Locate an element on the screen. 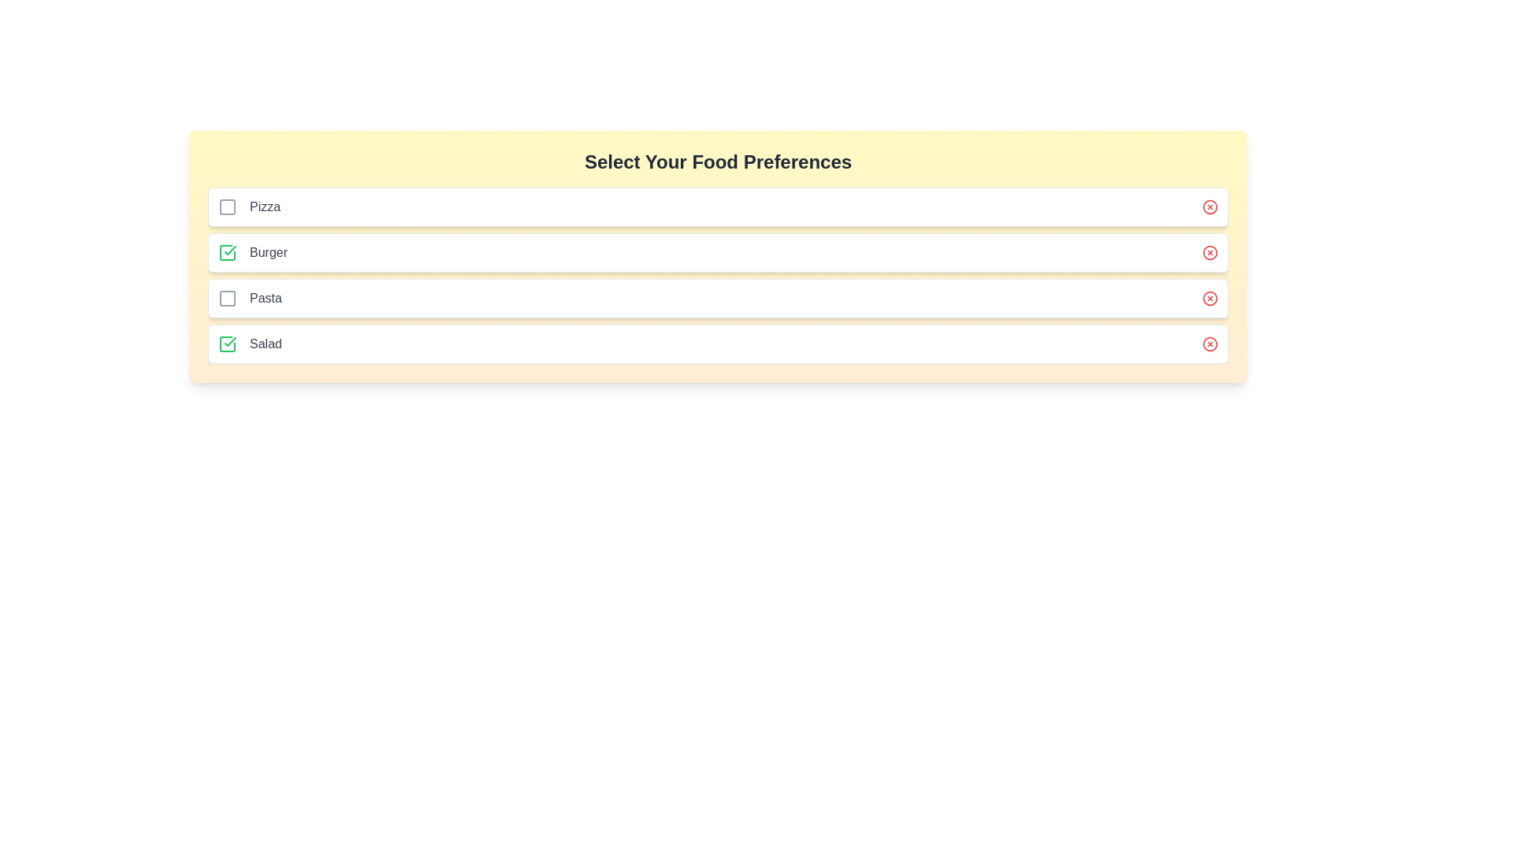 This screenshot has width=1513, height=851. the checkbox icon located to the left of the text 'Pizza' in the food preferences list is located at coordinates (226, 206).